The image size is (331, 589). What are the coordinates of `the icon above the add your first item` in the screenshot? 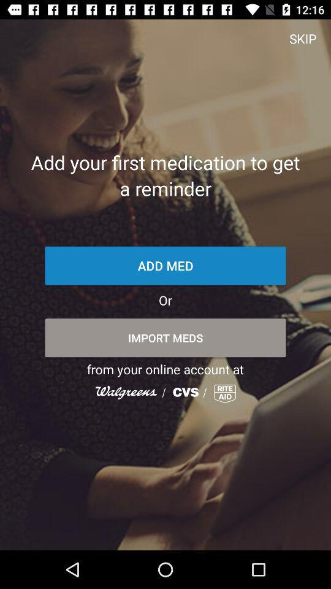 It's located at (302, 38).